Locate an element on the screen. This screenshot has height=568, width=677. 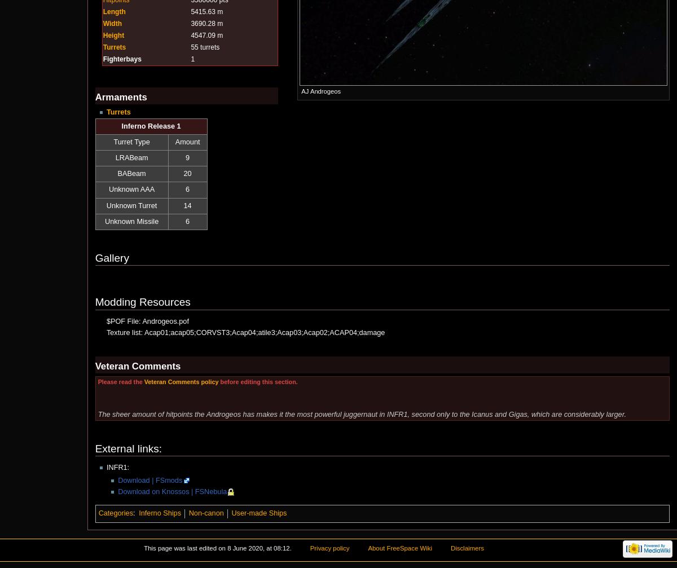
'User-made Ships' is located at coordinates (258, 513).